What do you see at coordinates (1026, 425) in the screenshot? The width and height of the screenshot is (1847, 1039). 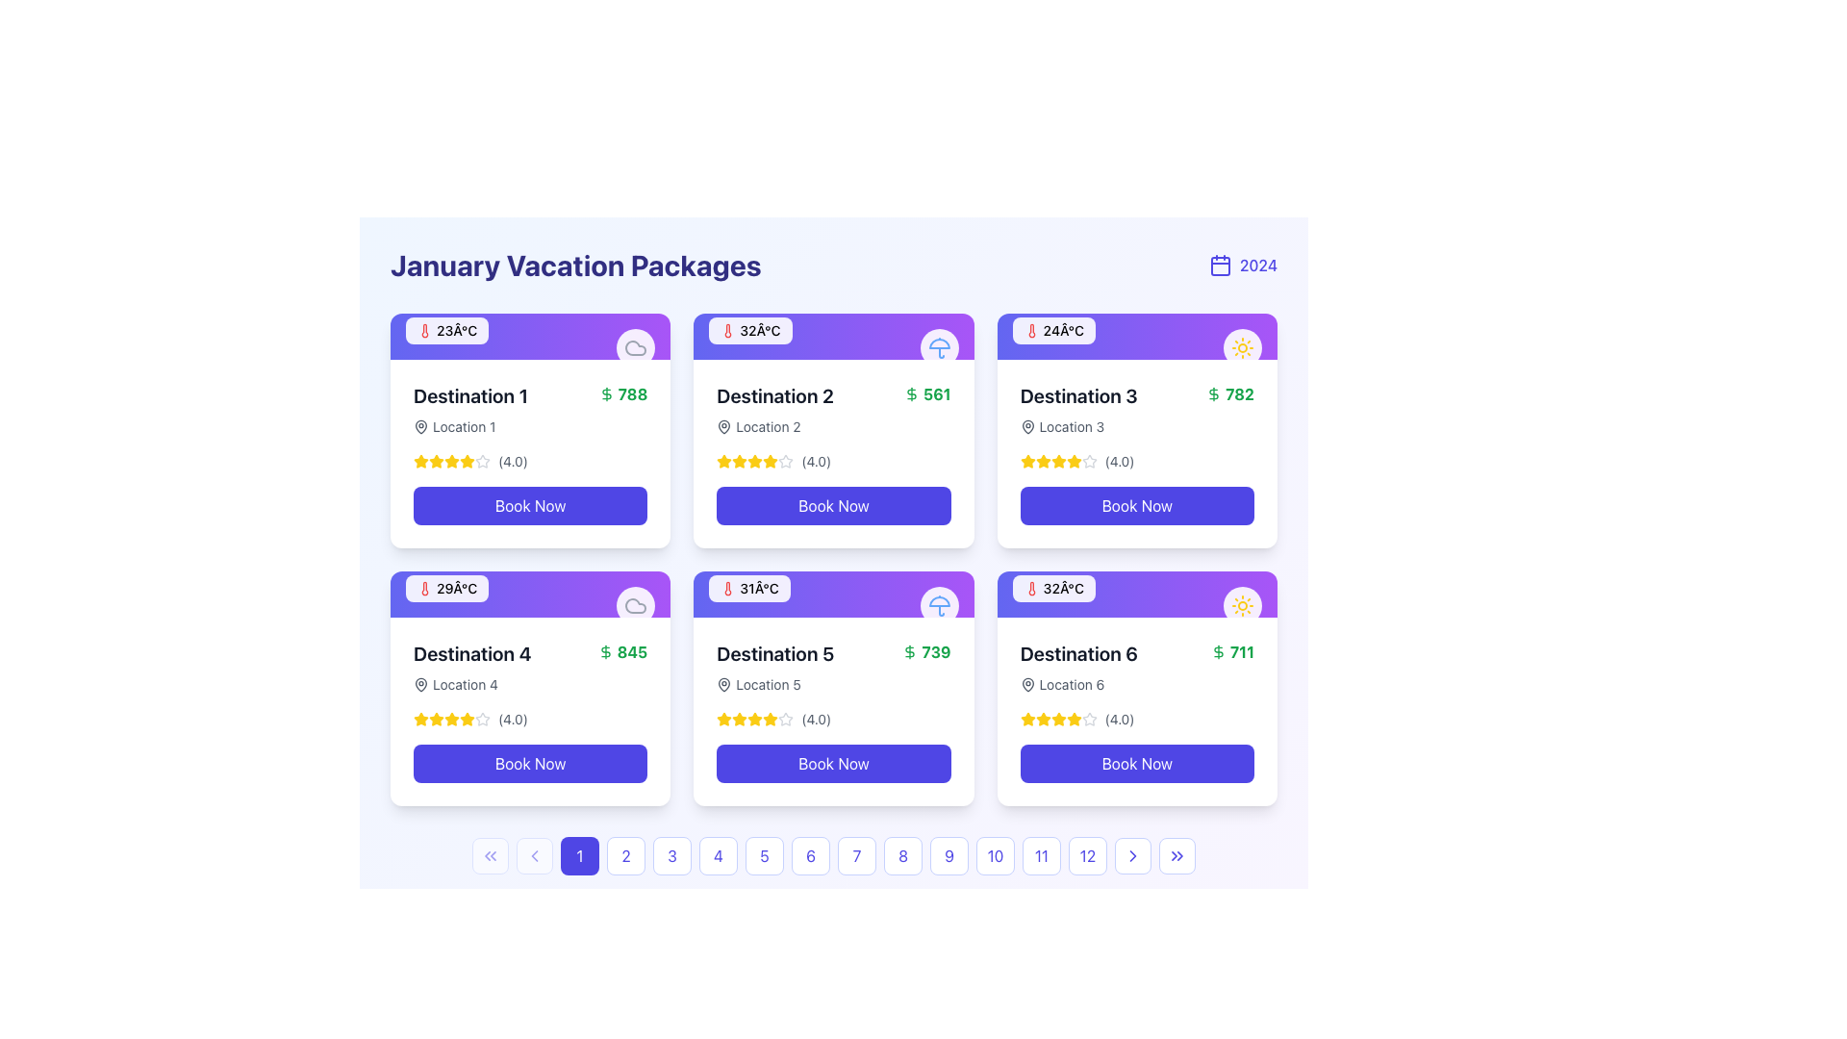 I see `map pin icon located next to the text 'Location 1' in the card titled 'Destination 1' at the top-left corner of the layout for visual context` at bounding box center [1026, 425].